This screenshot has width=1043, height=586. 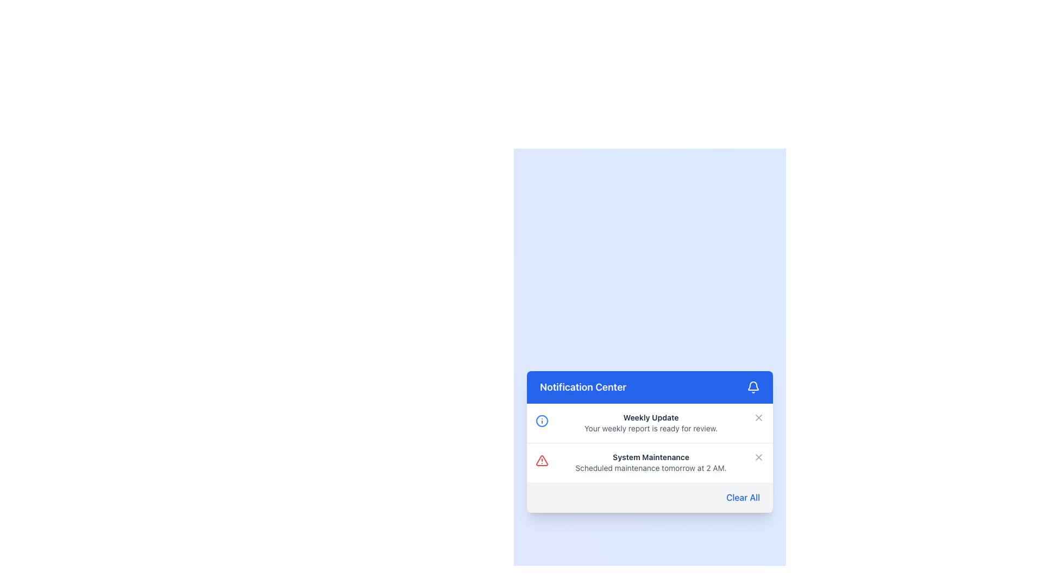 I want to click on the circular graphical indicator representing an information icon located at the center of the SVG component in the Notification Center interface, so click(x=542, y=420).